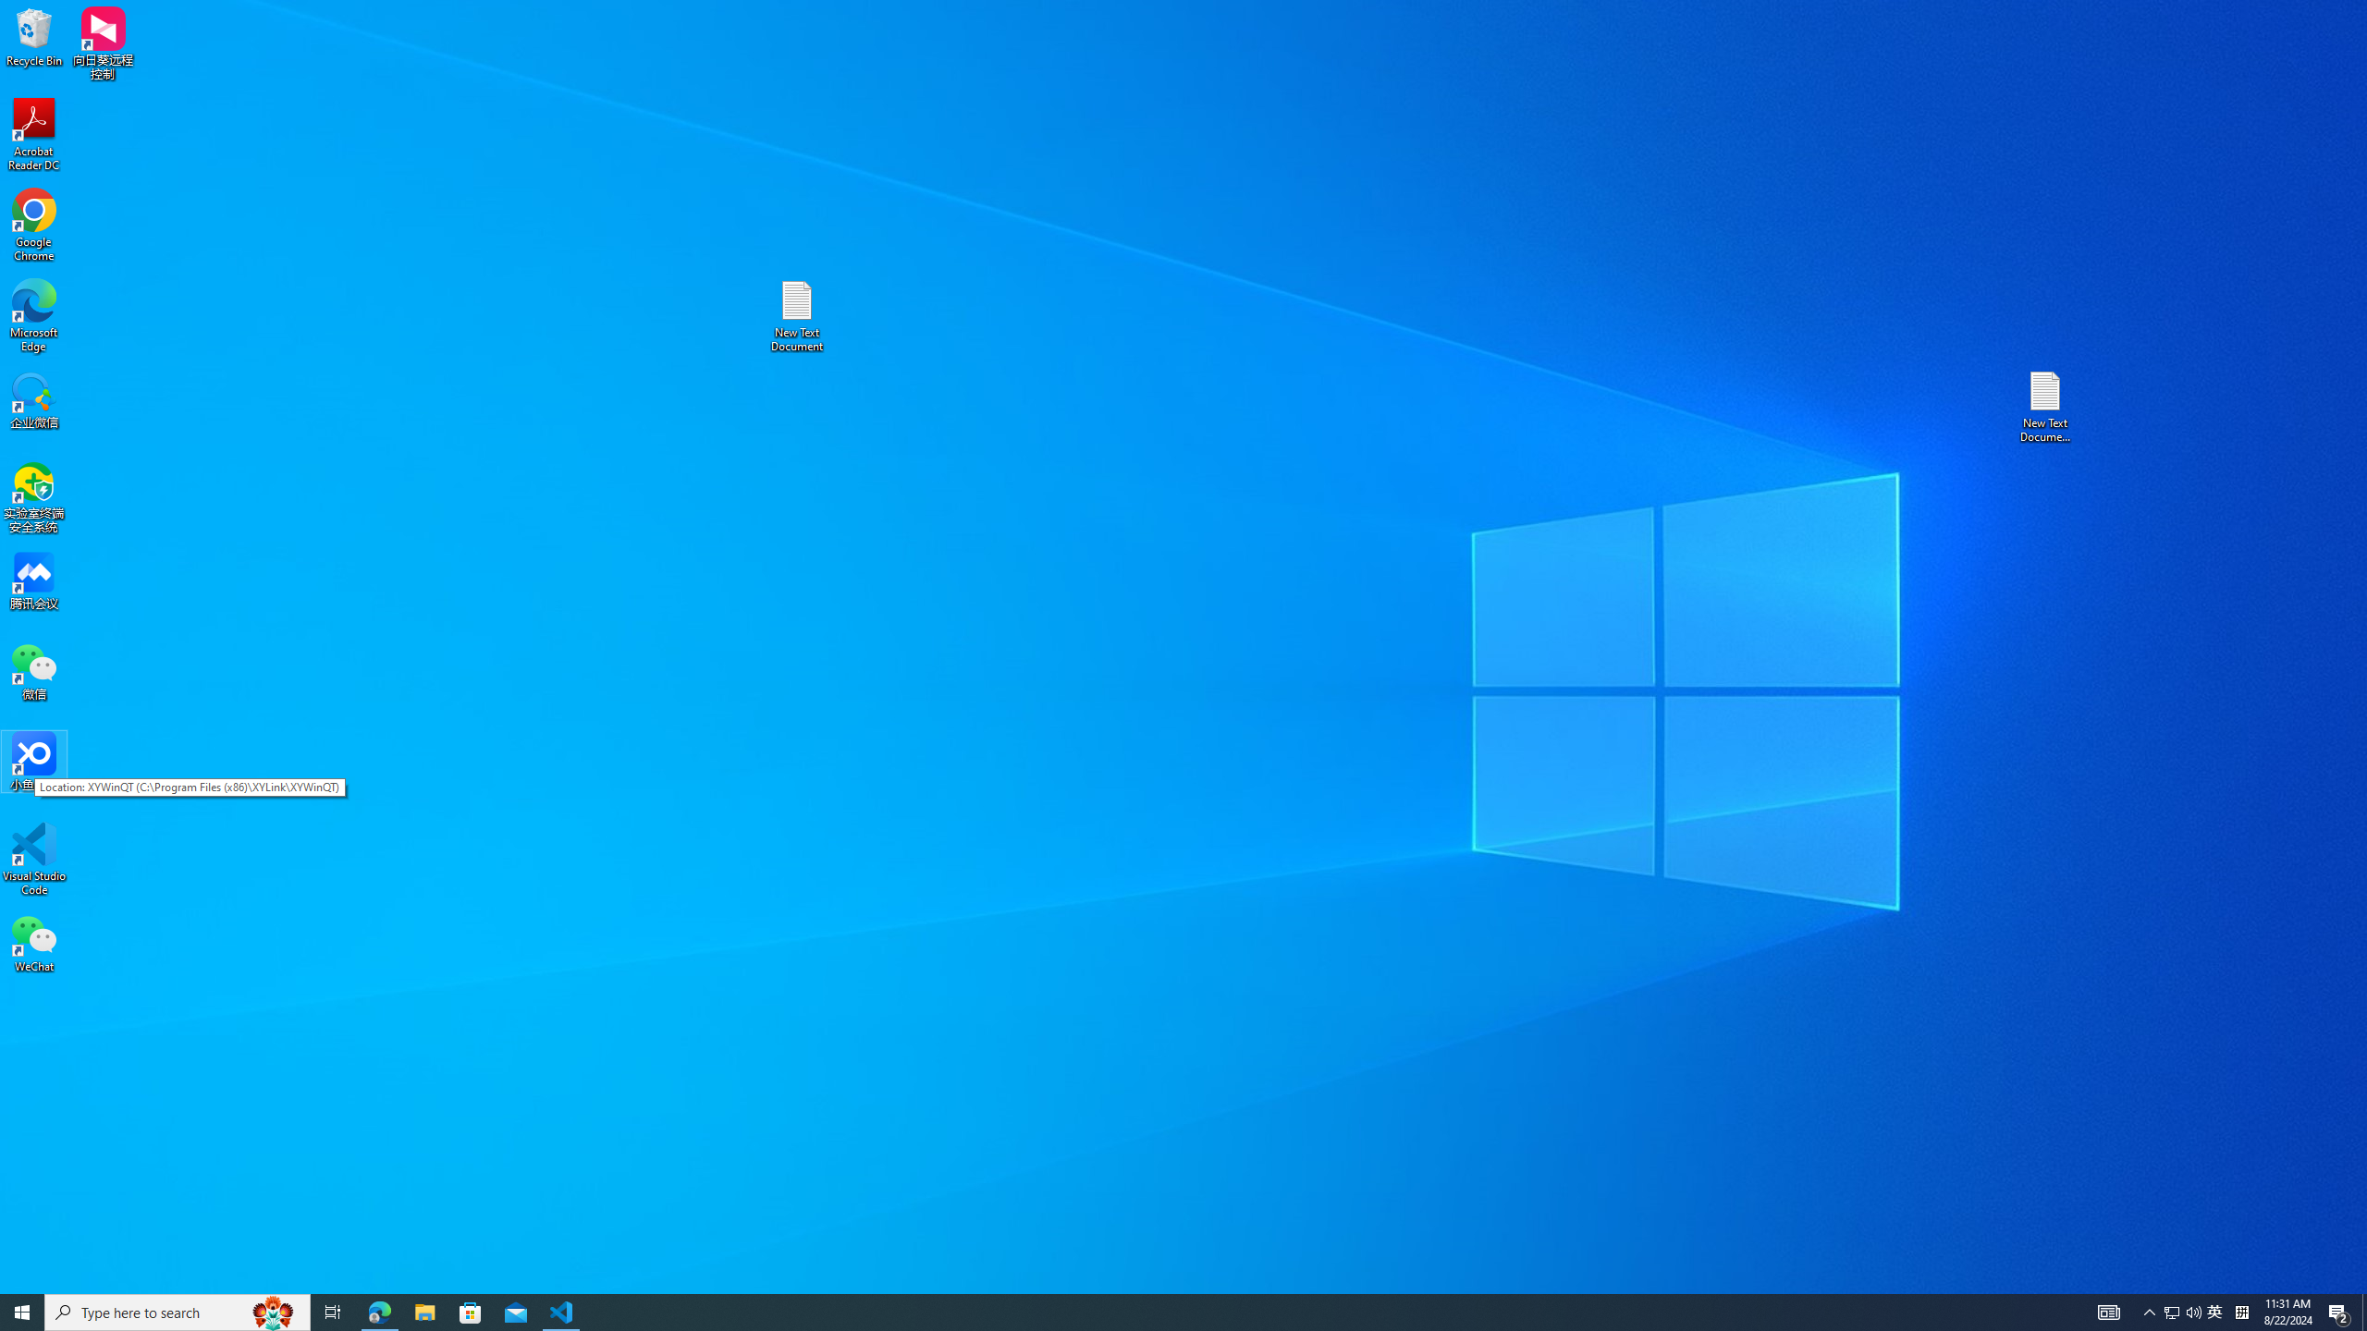 The width and height of the screenshot is (2367, 1331). I want to click on 'New Text Document', so click(795, 315).